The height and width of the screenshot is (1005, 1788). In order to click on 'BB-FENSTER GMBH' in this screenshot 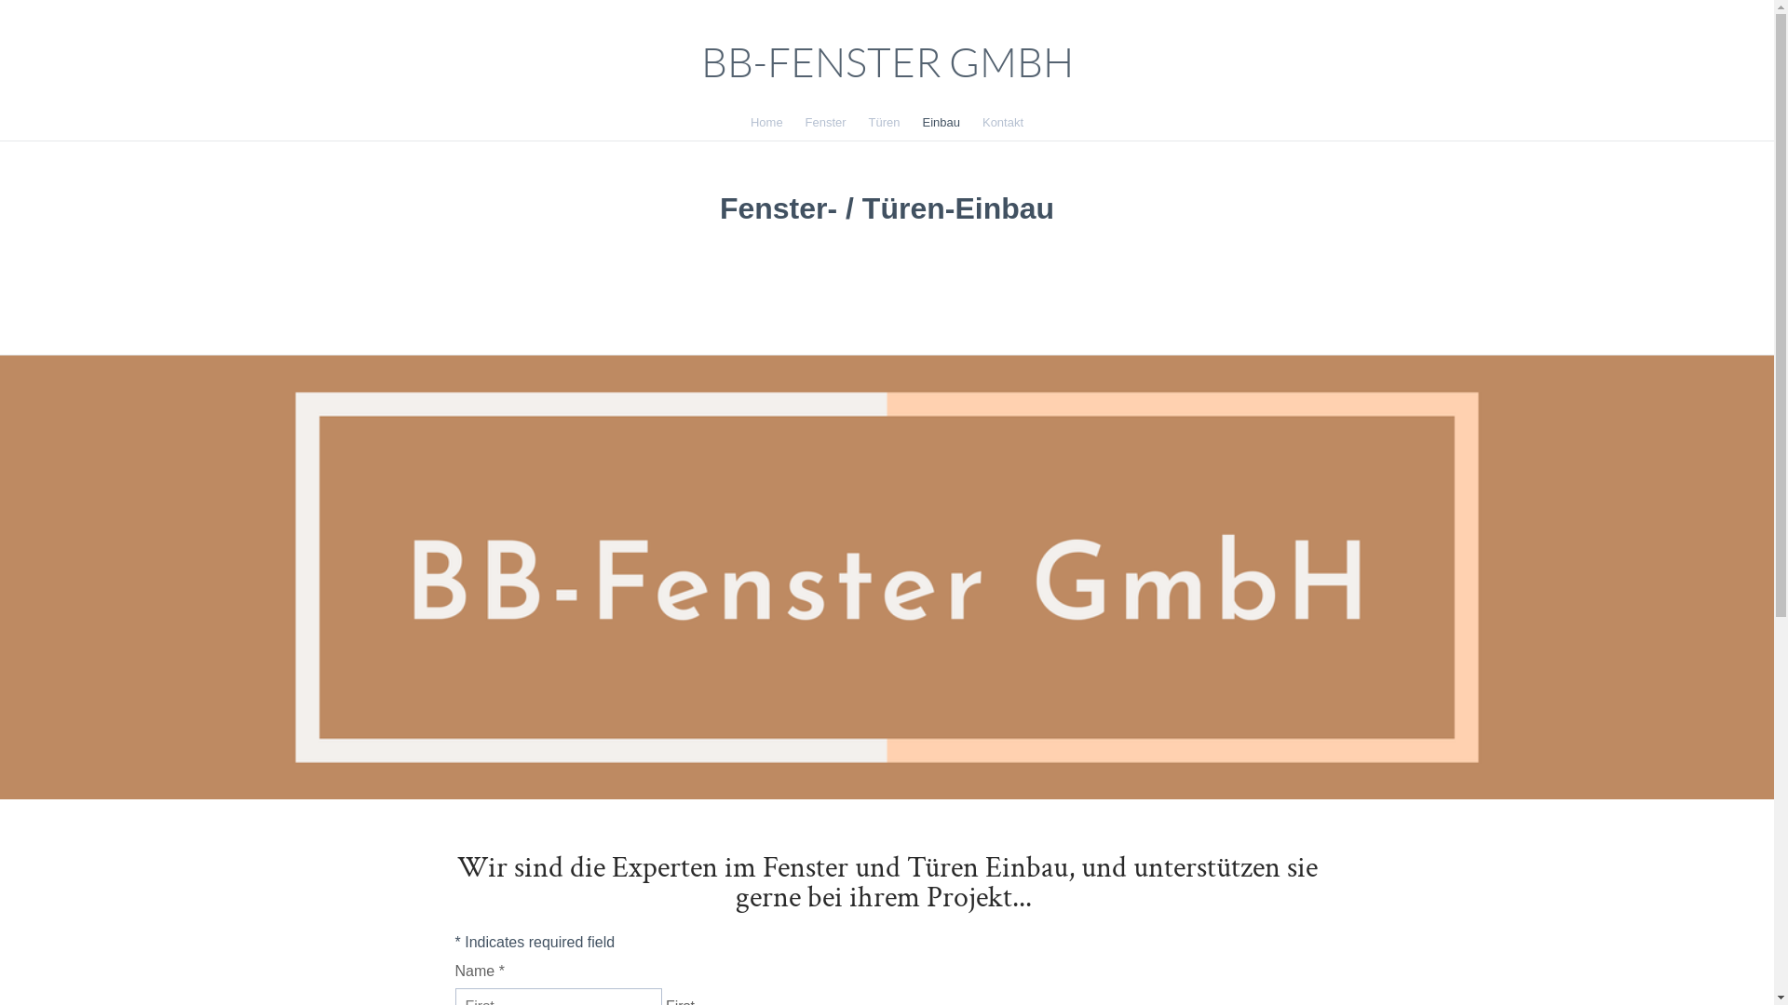, I will do `click(885, 61)`.